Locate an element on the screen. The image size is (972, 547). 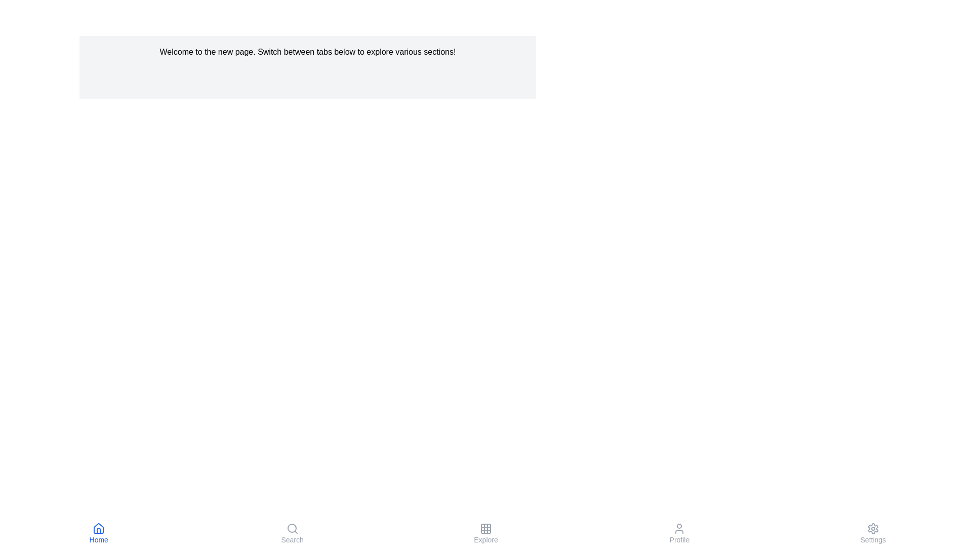
the magnifying glass icon in the bottom navigation bar is located at coordinates (292, 528).